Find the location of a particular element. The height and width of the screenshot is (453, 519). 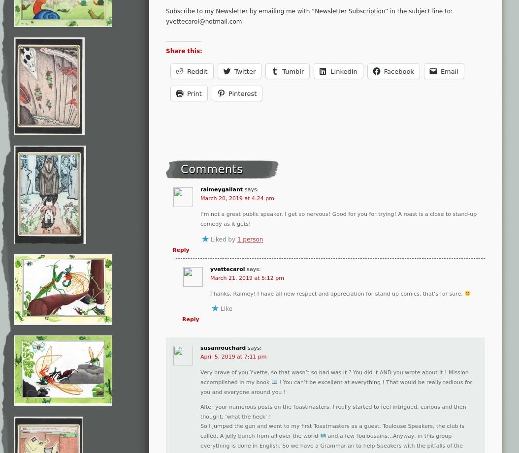

'Very brave of you Yvette, so that wasn’t so bad was it ? You did it AND you wrote about it ! Mission accomplished in my book' is located at coordinates (334, 377).